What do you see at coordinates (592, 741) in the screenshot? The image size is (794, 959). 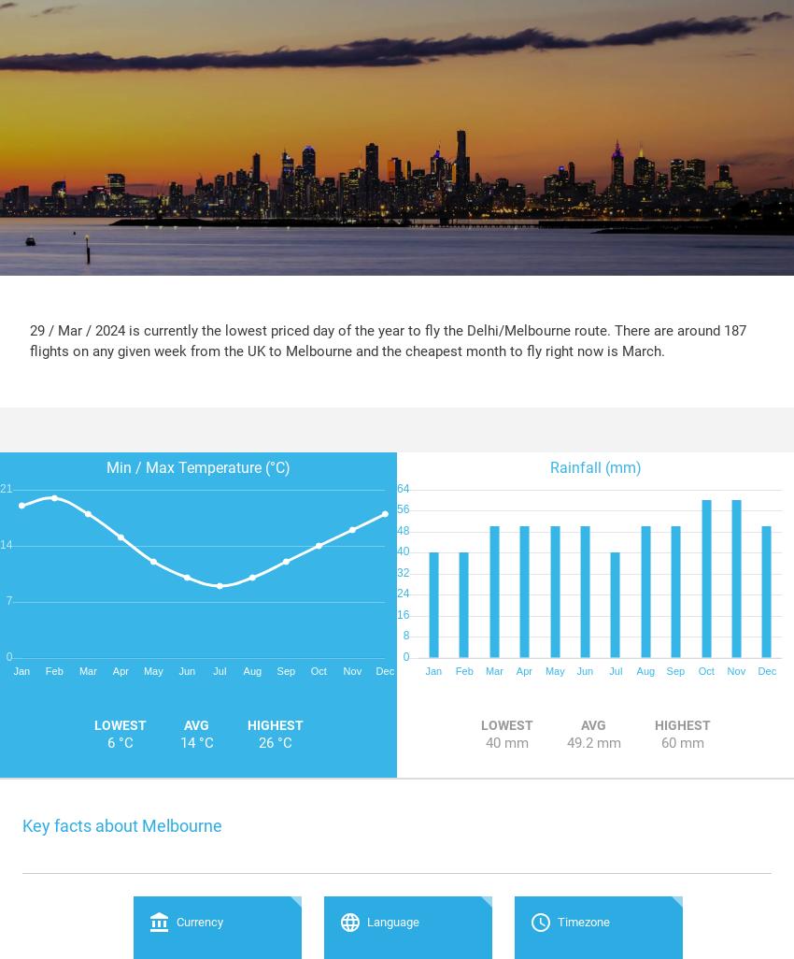 I see `'49.2 mm'` at bounding box center [592, 741].